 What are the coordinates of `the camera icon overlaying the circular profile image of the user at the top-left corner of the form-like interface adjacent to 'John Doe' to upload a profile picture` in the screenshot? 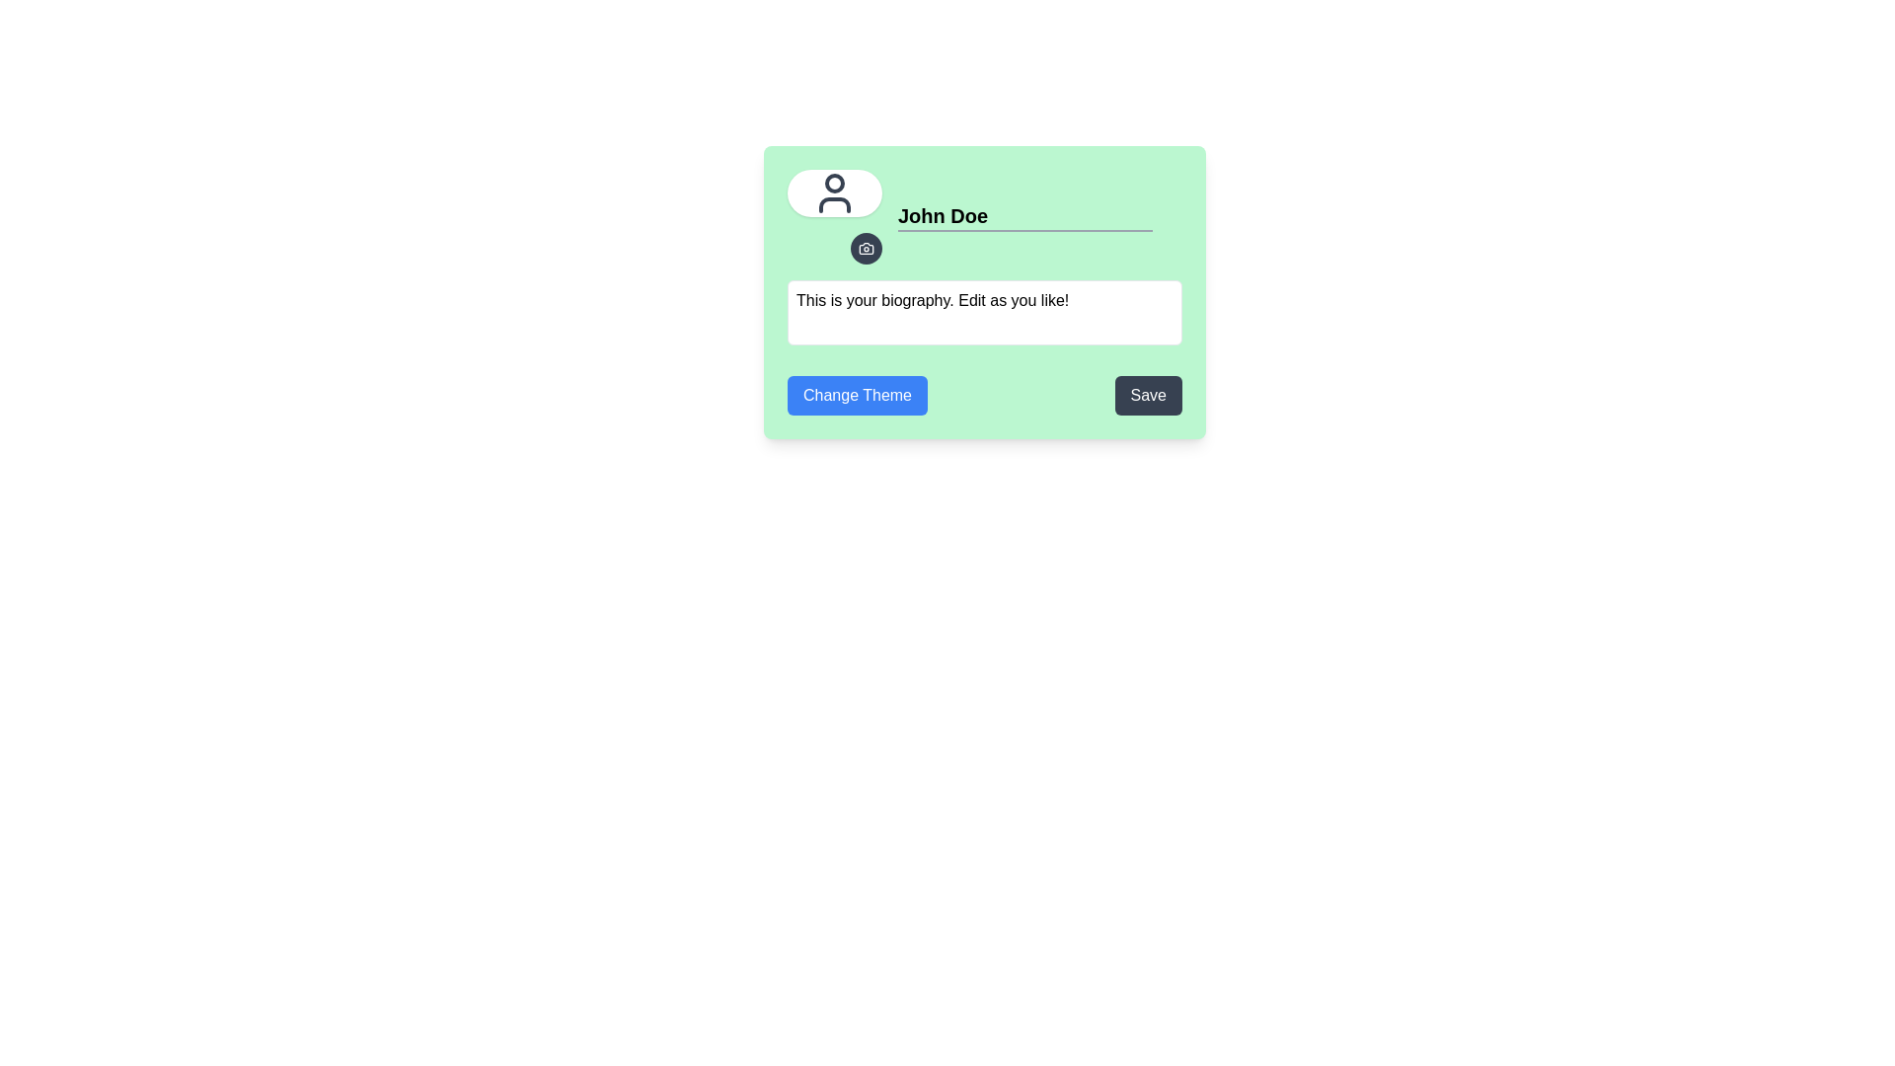 It's located at (834, 216).